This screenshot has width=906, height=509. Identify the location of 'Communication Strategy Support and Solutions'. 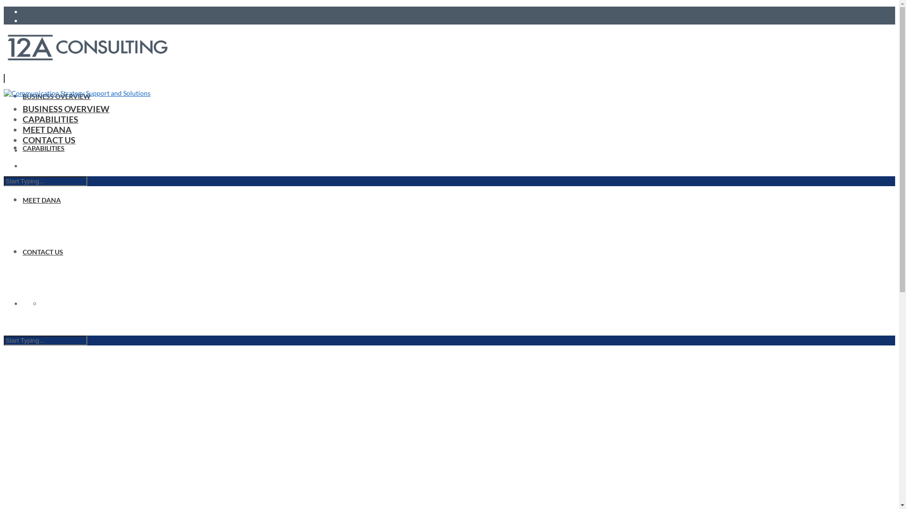
(4, 93).